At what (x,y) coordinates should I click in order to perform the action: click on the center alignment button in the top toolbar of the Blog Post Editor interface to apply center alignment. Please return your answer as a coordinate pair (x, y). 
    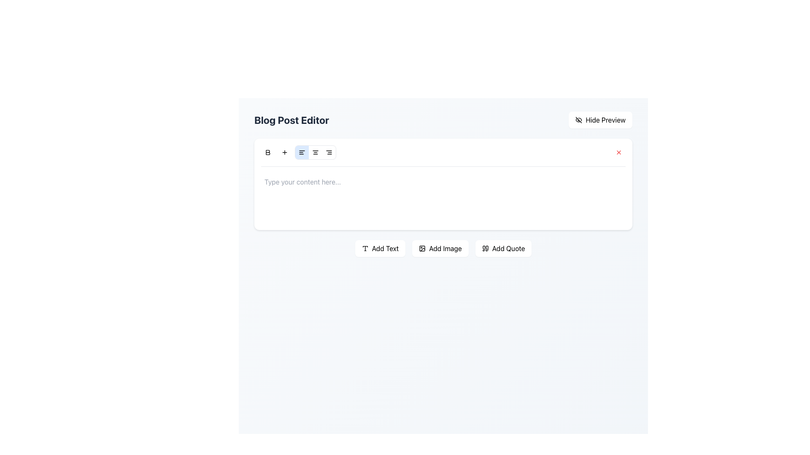
    Looking at the image, I should click on (315, 153).